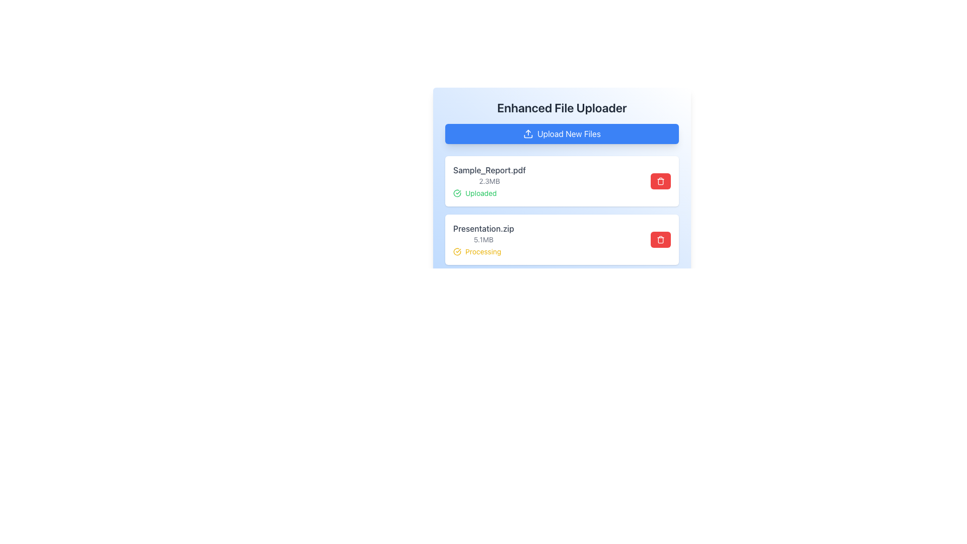  What do you see at coordinates (660, 180) in the screenshot?
I see `the trash bin icon within the delete button of the second file item in the vertical list under the 'Enhanced File Uploader' header` at bounding box center [660, 180].